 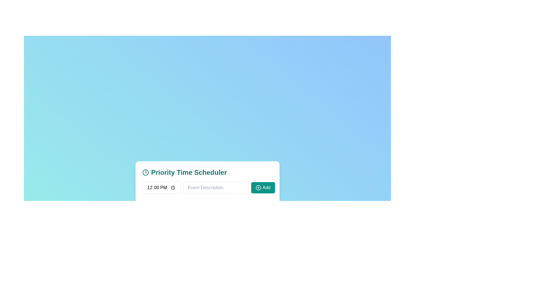 What do you see at coordinates (258, 188) in the screenshot?
I see `the circular icon with a plus sign located inside the 'Add' button at the bottom-right of the 'Priority Time Scheduler' UI box` at bounding box center [258, 188].